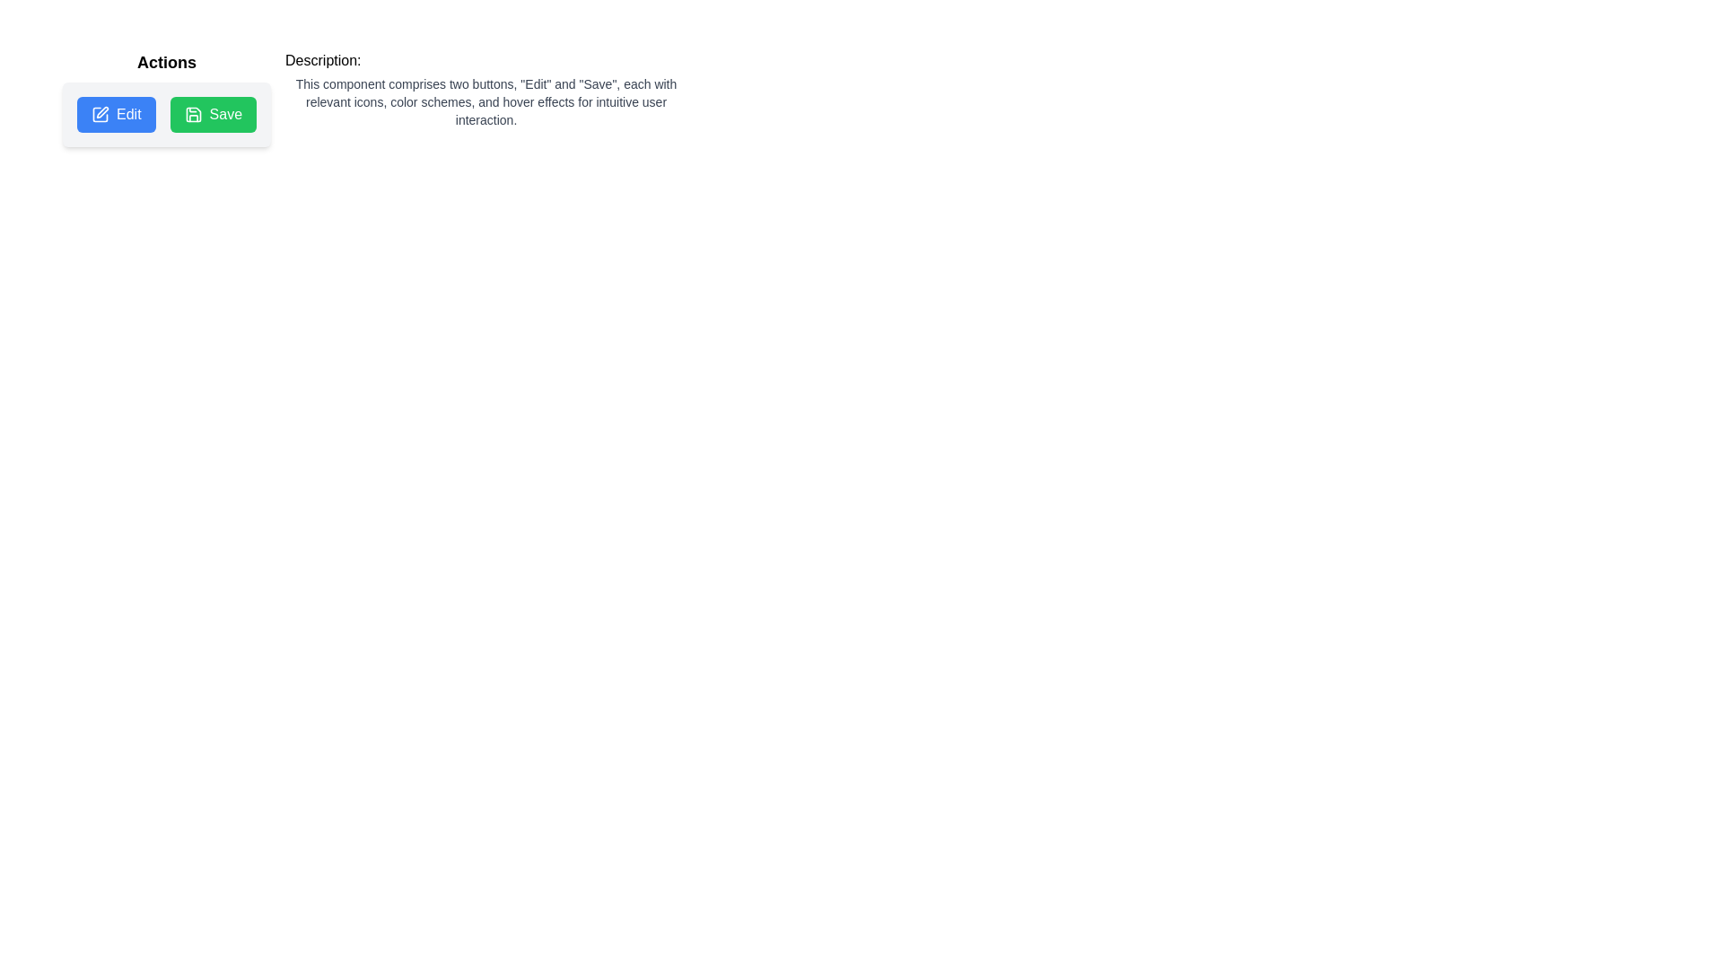 Image resolution: width=1723 pixels, height=969 pixels. Describe the element at coordinates (213, 114) in the screenshot. I see `the 'Save' button with a green background and white text` at that location.